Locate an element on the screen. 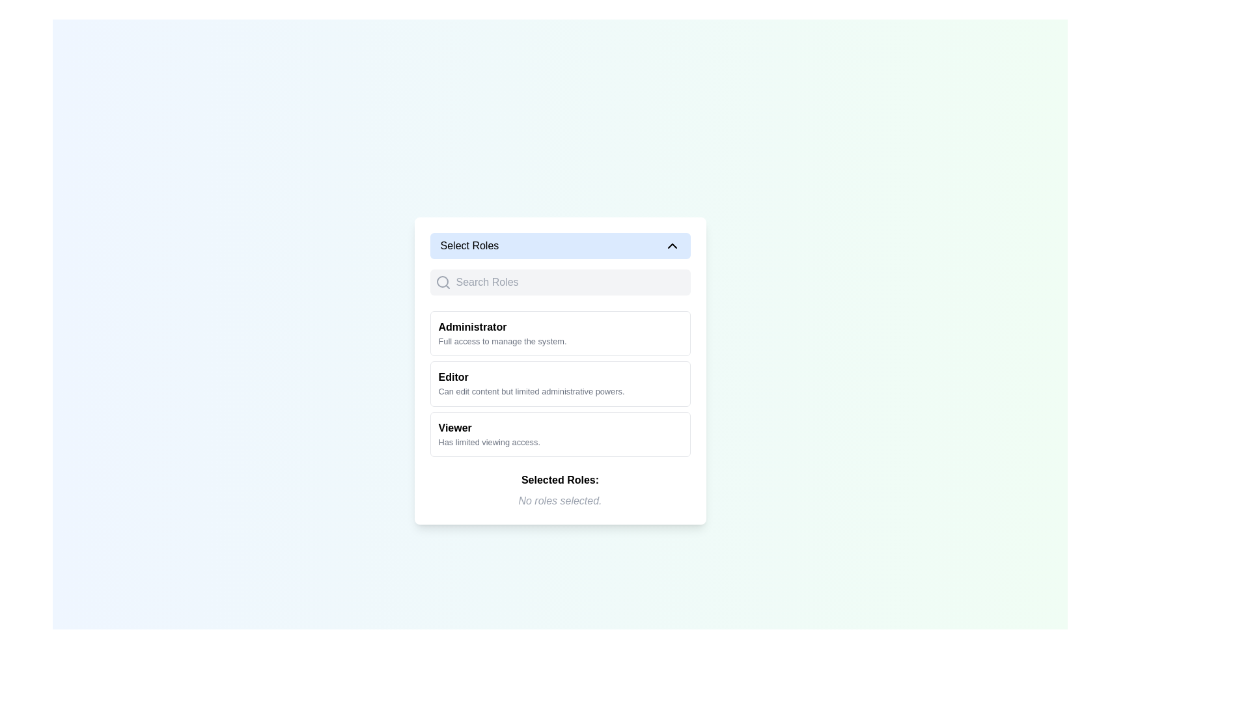  the static label text reading 'Has limited viewing access.' which is styled in light gray and positioned below the title 'Viewer' in the card layout is located at coordinates (488, 441).